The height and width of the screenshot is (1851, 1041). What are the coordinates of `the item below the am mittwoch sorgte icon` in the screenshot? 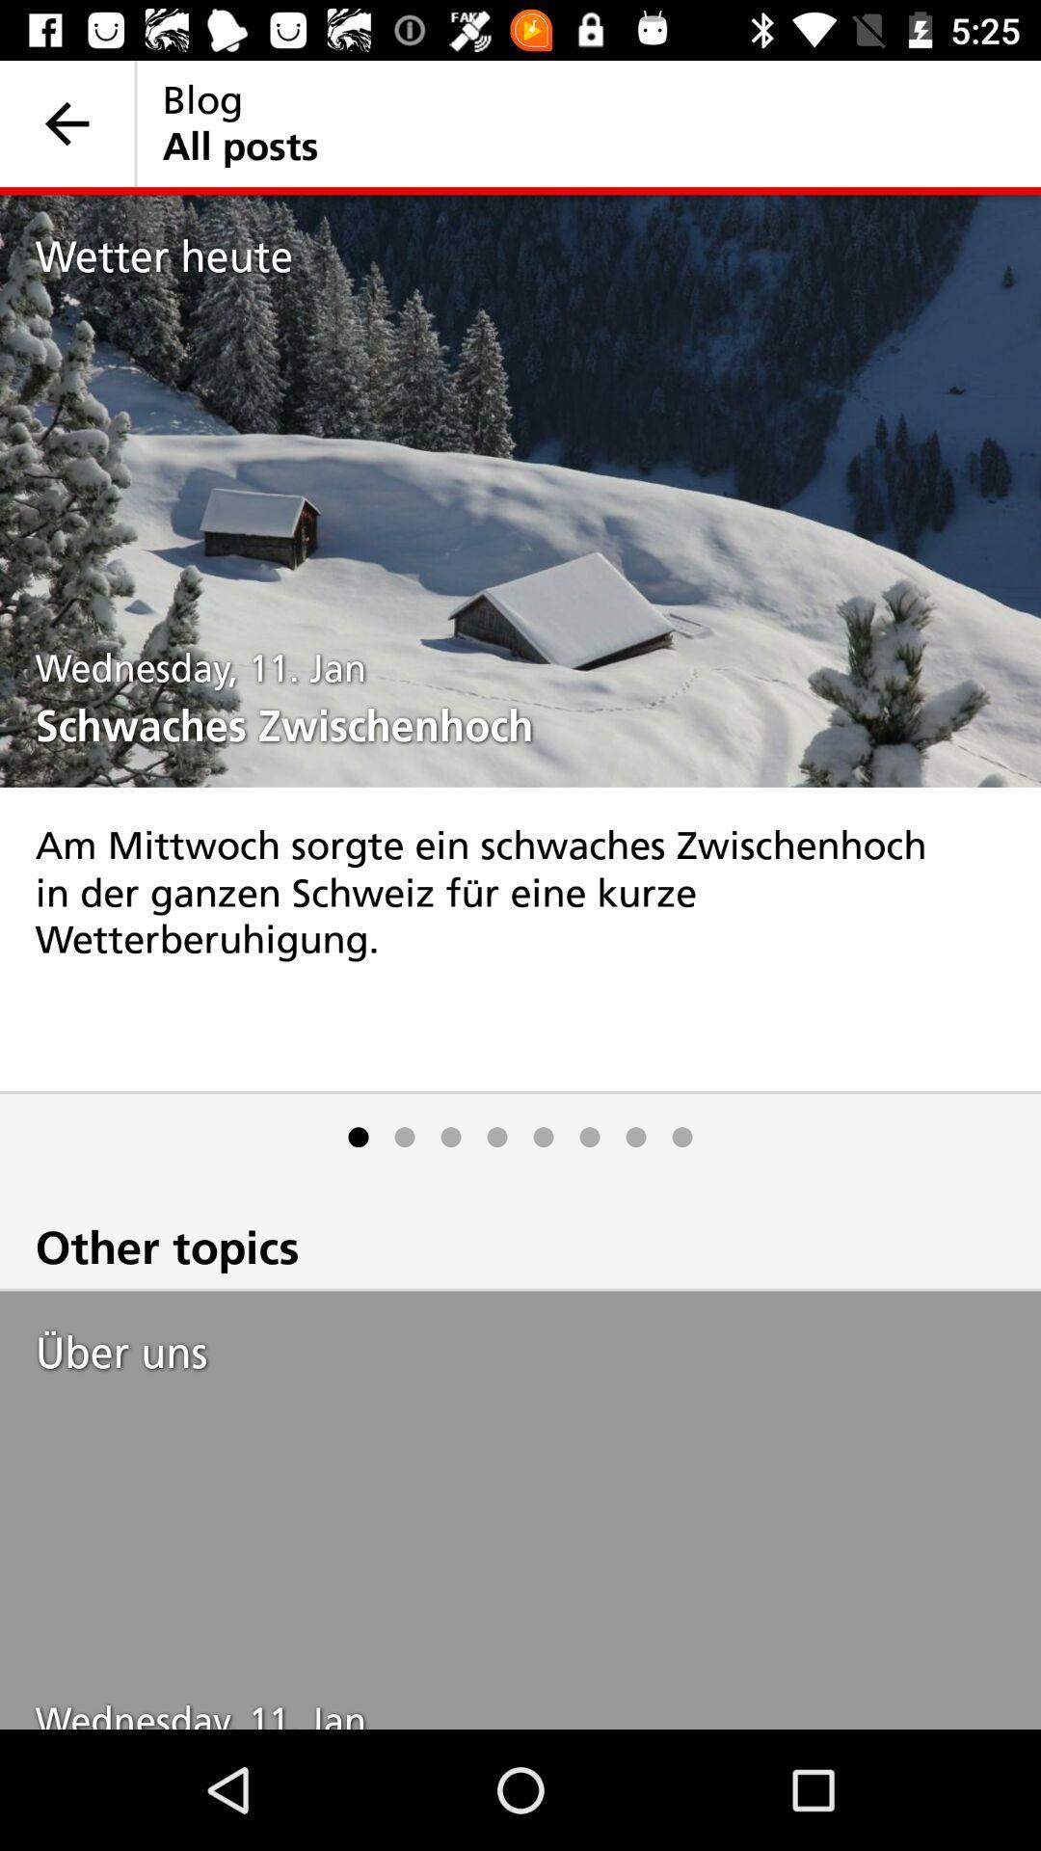 It's located at (635, 1137).